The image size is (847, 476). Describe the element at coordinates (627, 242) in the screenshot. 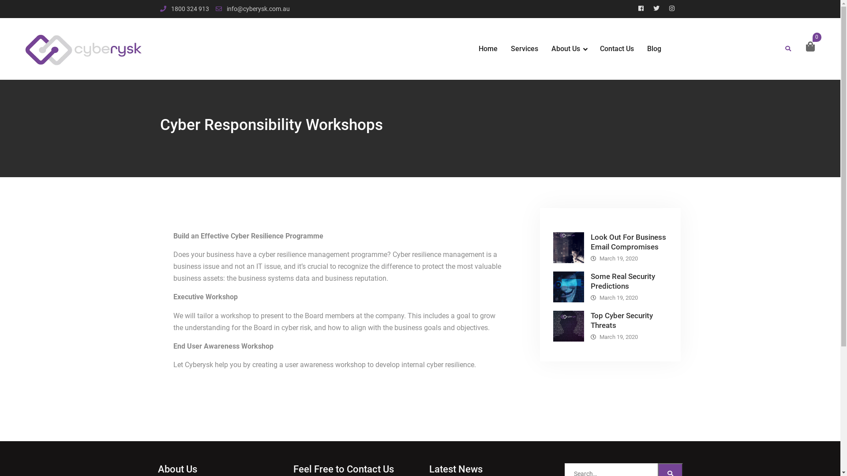

I see `'Look Out For Business Email Compromises'` at that location.